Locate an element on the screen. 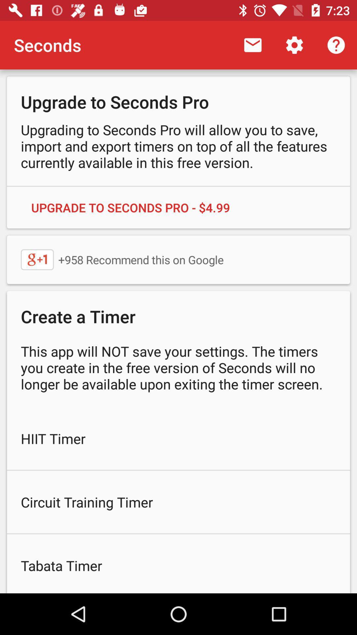 The width and height of the screenshot is (357, 635). circuit training timer icon is located at coordinates (178, 502).